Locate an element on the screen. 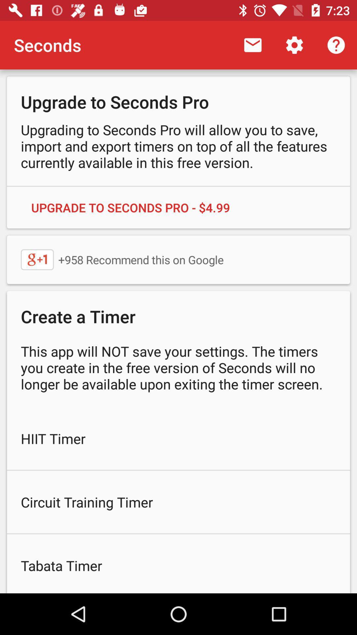 The width and height of the screenshot is (357, 635). circuit training timer icon is located at coordinates (178, 502).